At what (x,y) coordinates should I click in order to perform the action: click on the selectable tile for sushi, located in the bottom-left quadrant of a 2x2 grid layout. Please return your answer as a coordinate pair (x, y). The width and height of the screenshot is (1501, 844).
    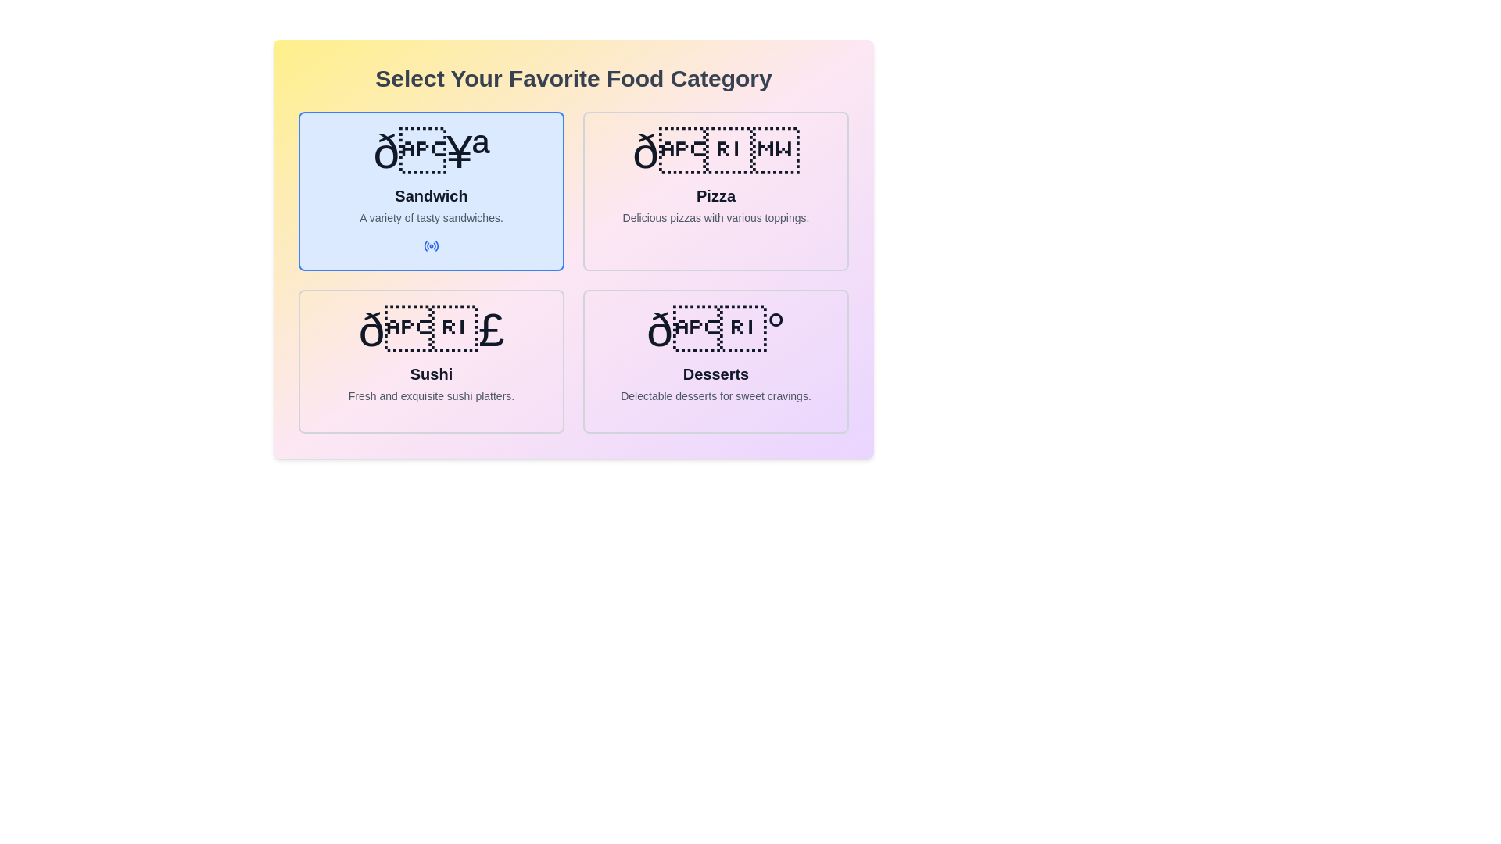
    Looking at the image, I should click on (432, 361).